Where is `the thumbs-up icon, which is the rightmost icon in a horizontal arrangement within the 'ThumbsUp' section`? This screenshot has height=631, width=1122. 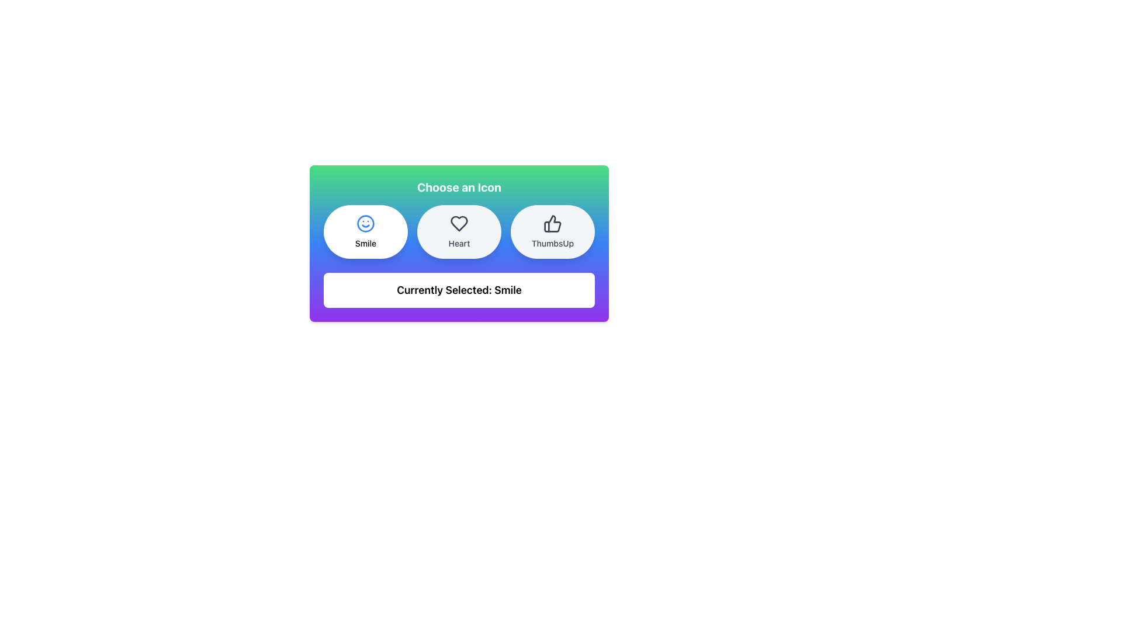
the thumbs-up icon, which is the rightmost icon in a horizontal arrangement within the 'ThumbsUp' section is located at coordinates (552, 223).